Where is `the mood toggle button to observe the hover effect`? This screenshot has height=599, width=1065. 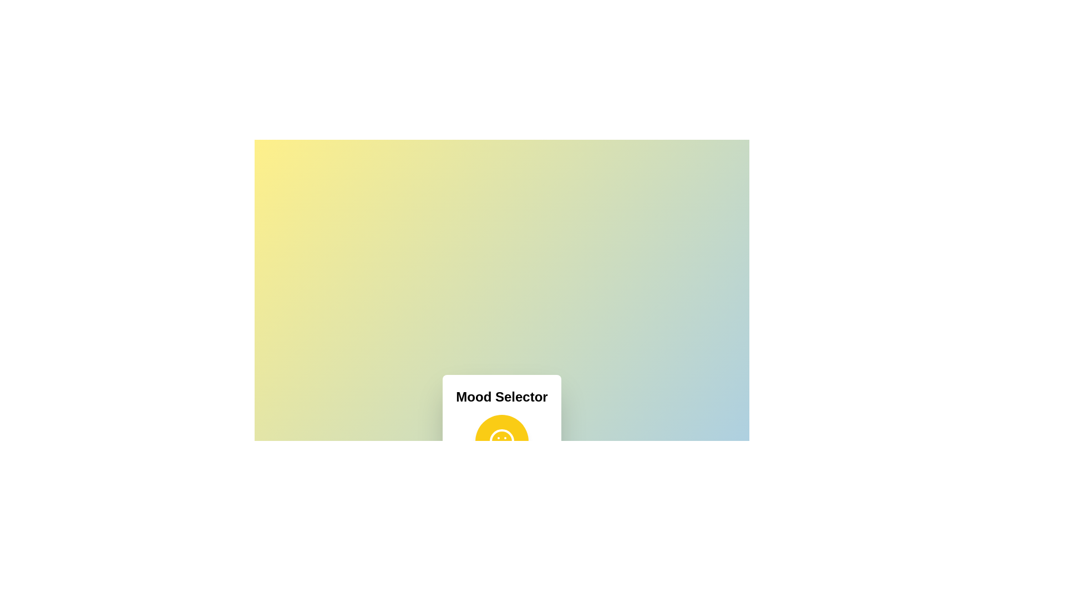
the mood toggle button to observe the hover effect is located at coordinates (501, 440).